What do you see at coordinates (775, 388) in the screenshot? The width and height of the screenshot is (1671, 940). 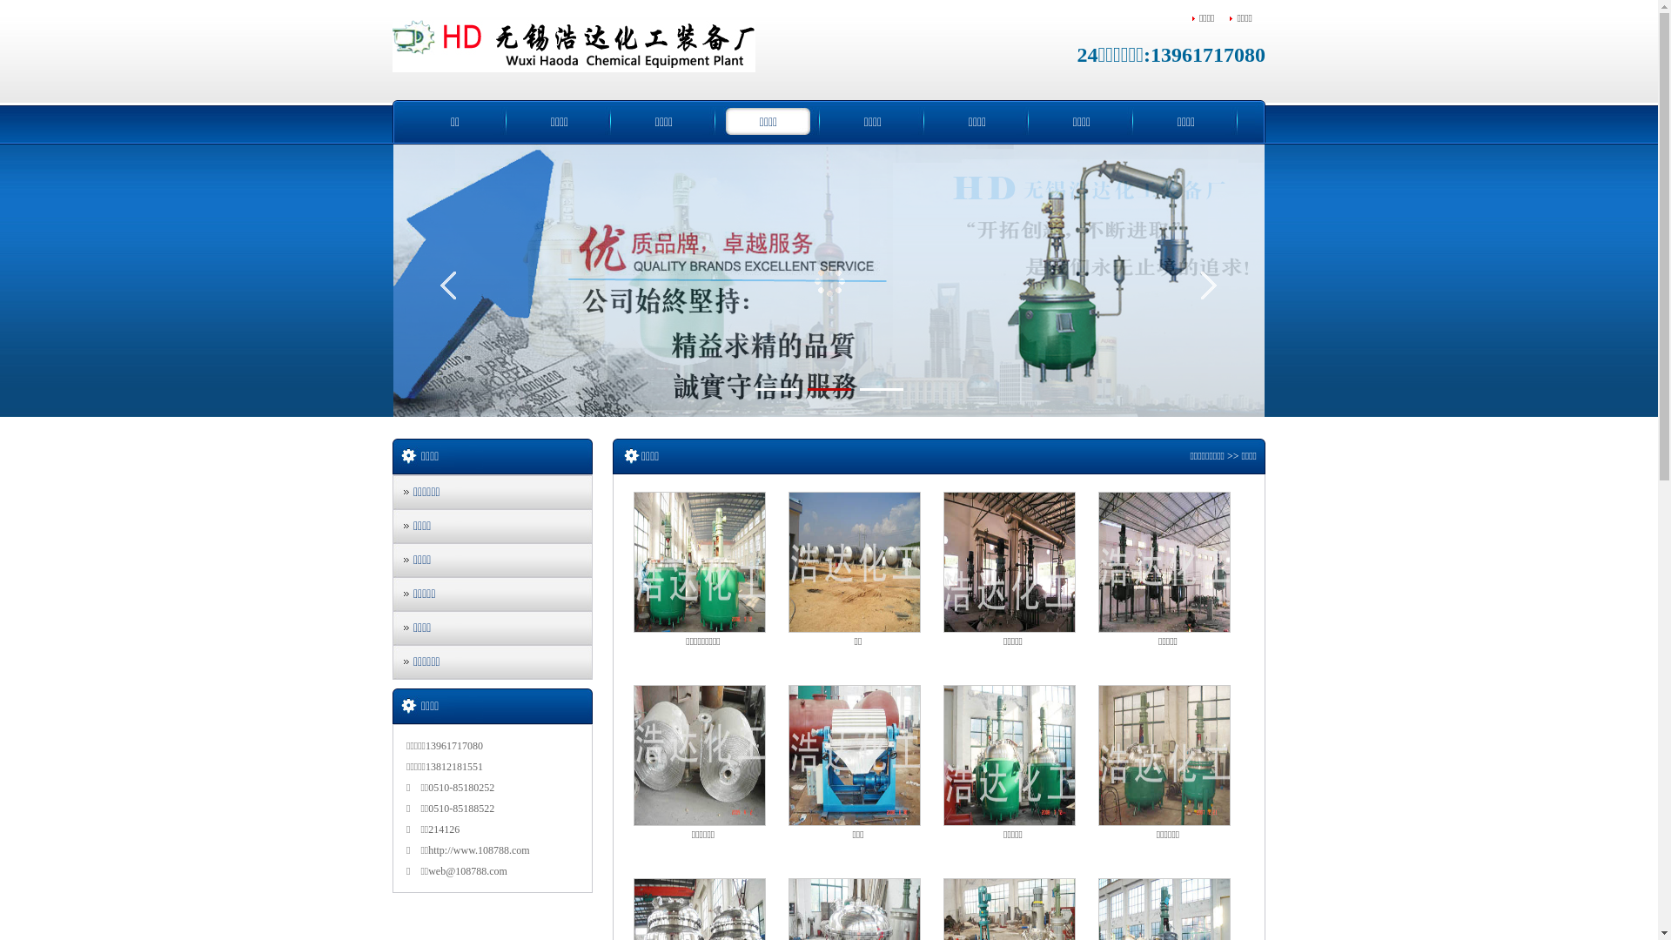 I see `'1'` at bounding box center [775, 388].